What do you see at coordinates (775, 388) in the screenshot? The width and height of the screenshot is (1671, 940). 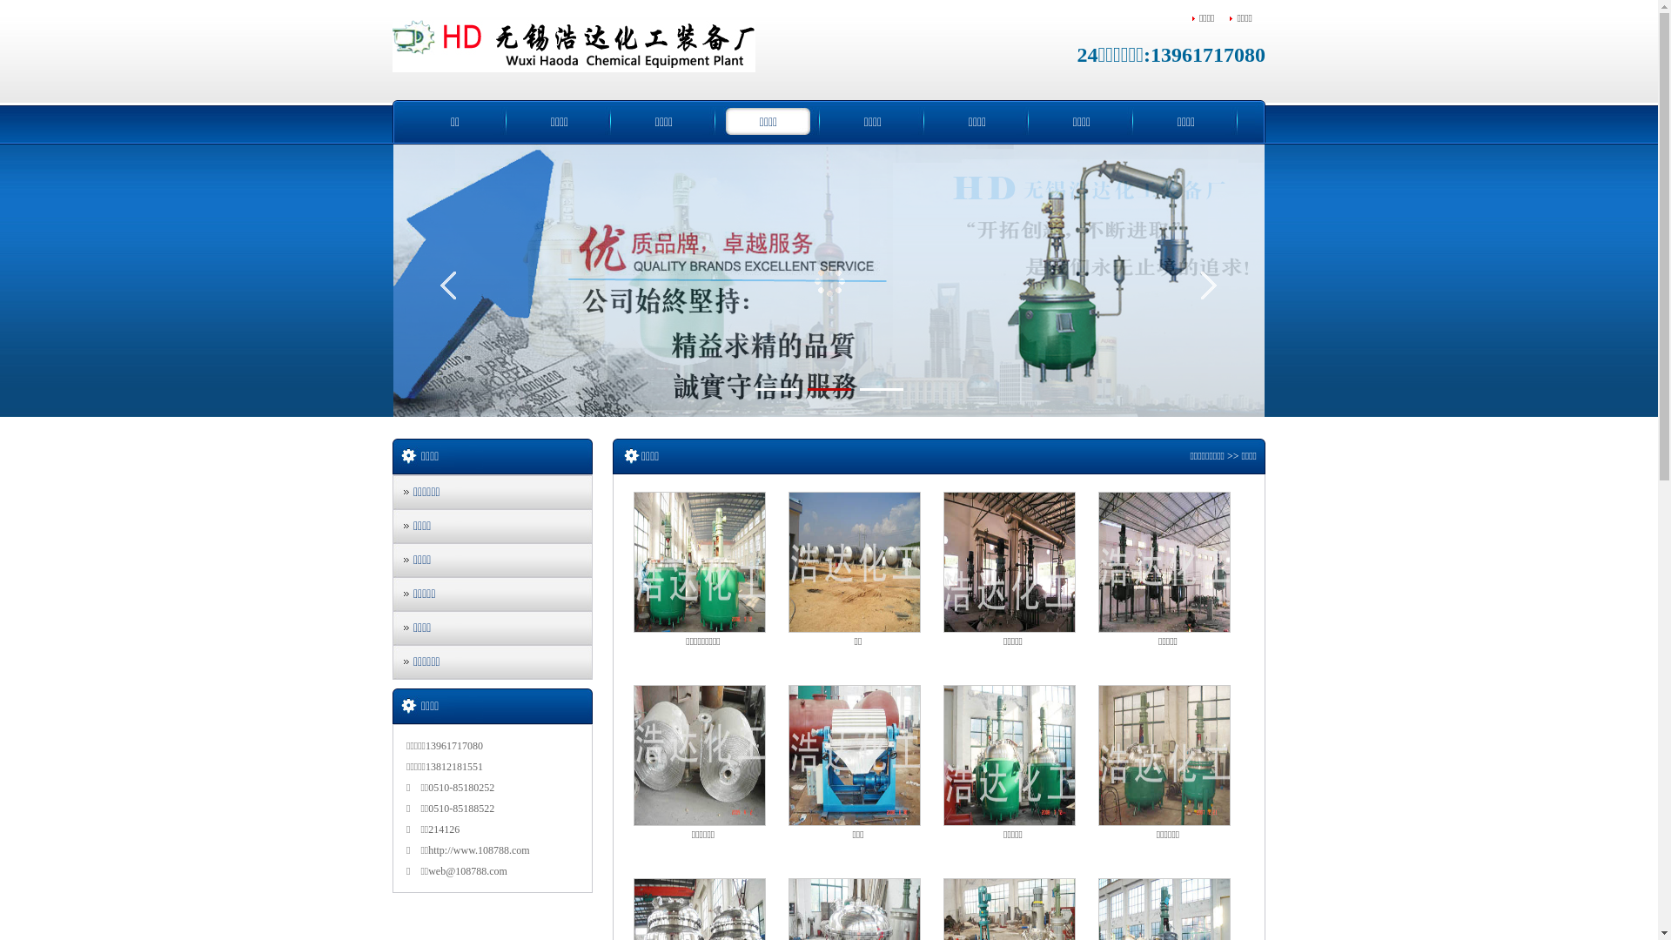 I see `'1'` at bounding box center [775, 388].